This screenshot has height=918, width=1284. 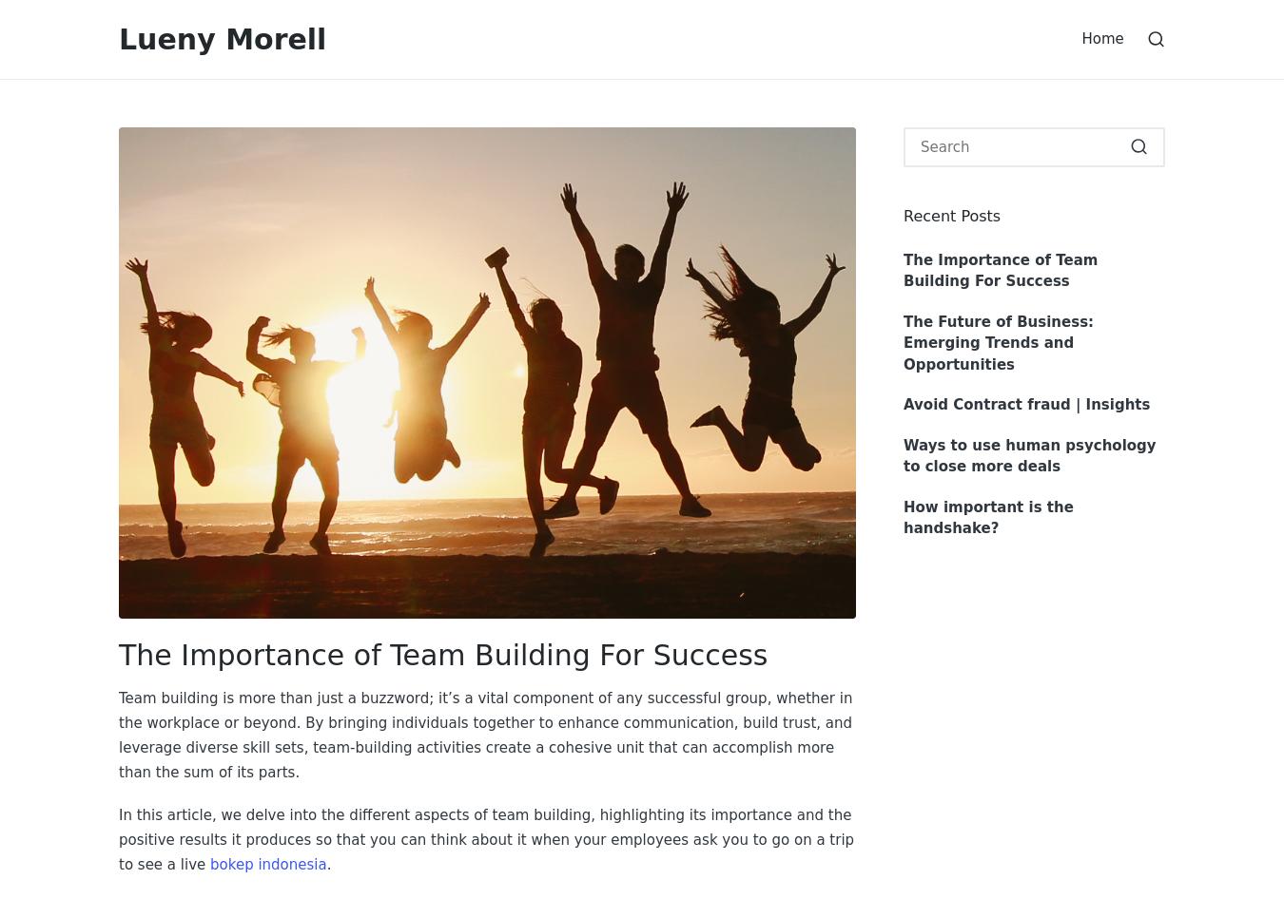 I want to click on 'Ways to use human psychology to close more deals', so click(x=1029, y=455).